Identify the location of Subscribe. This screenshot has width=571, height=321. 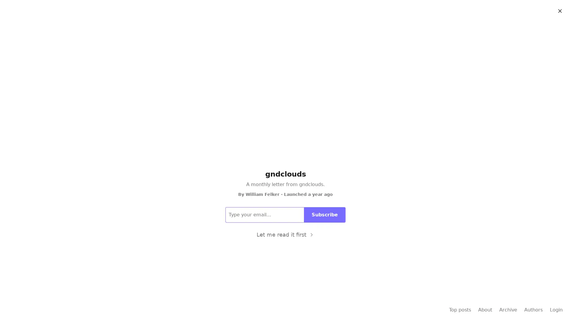
(523, 9).